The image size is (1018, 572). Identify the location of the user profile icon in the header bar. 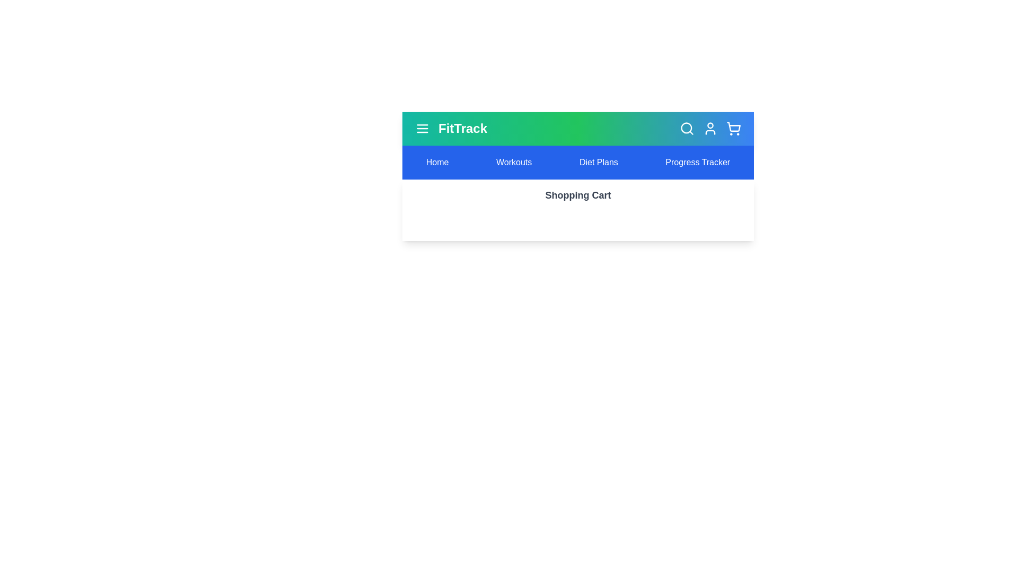
(710, 128).